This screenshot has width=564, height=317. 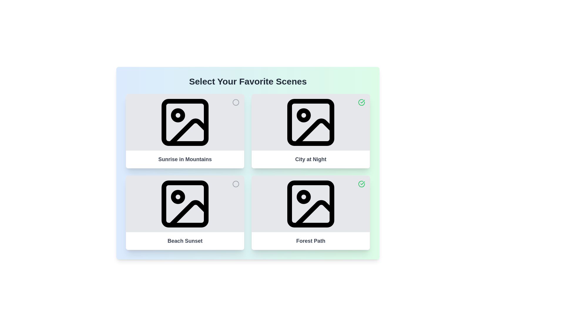 What do you see at coordinates (310, 122) in the screenshot?
I see `the image of the media item titled 'City at Night' by interacting with its corresponding image element` at bounding box center [310, 122].